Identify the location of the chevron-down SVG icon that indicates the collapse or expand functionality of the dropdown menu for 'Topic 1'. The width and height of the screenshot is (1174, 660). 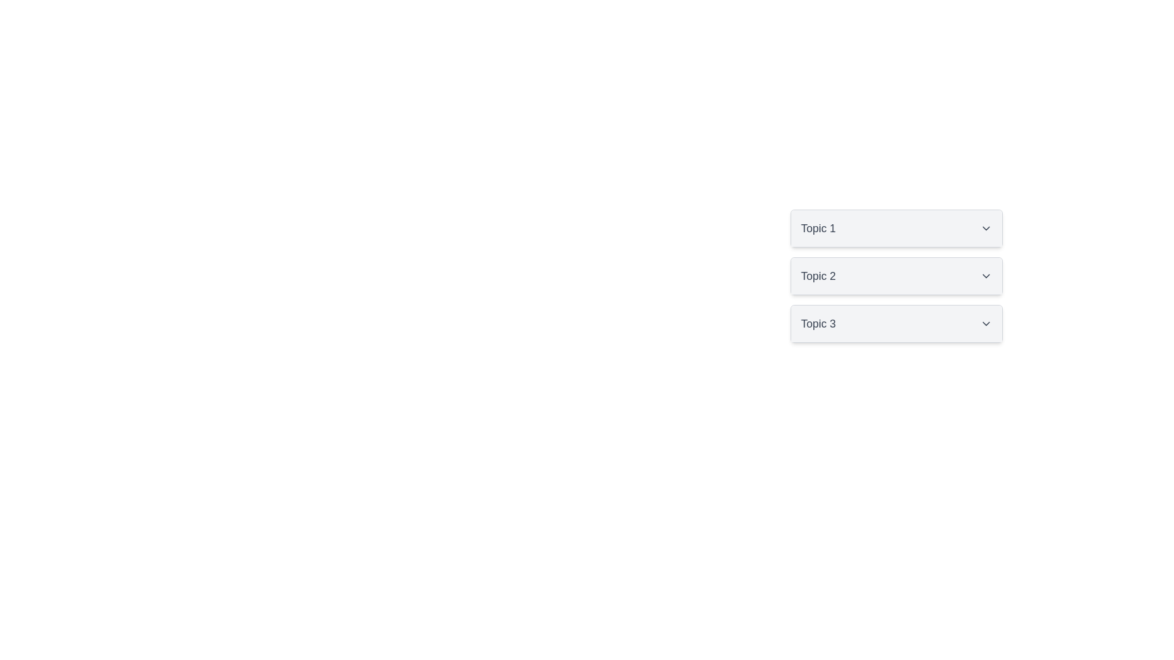
(986, 229).